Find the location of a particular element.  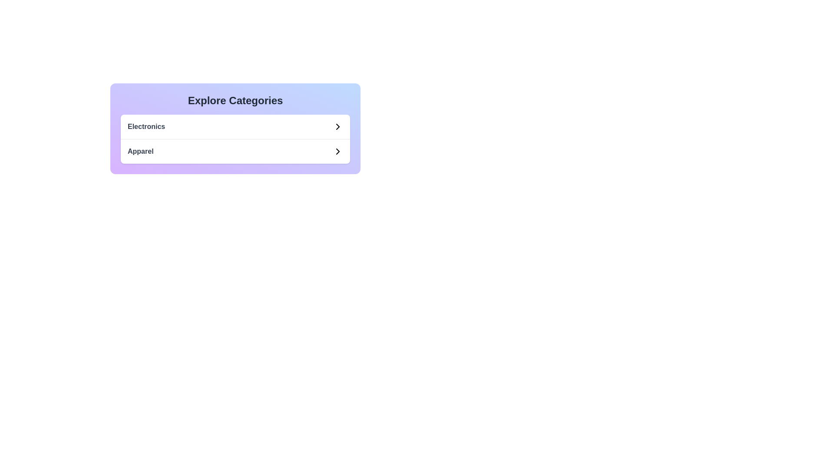

the 'Apparel' category selection option located as the second item in the 'Explore Categories' section, directly below the 'Electronics' item is located at coordinates (235, 151).